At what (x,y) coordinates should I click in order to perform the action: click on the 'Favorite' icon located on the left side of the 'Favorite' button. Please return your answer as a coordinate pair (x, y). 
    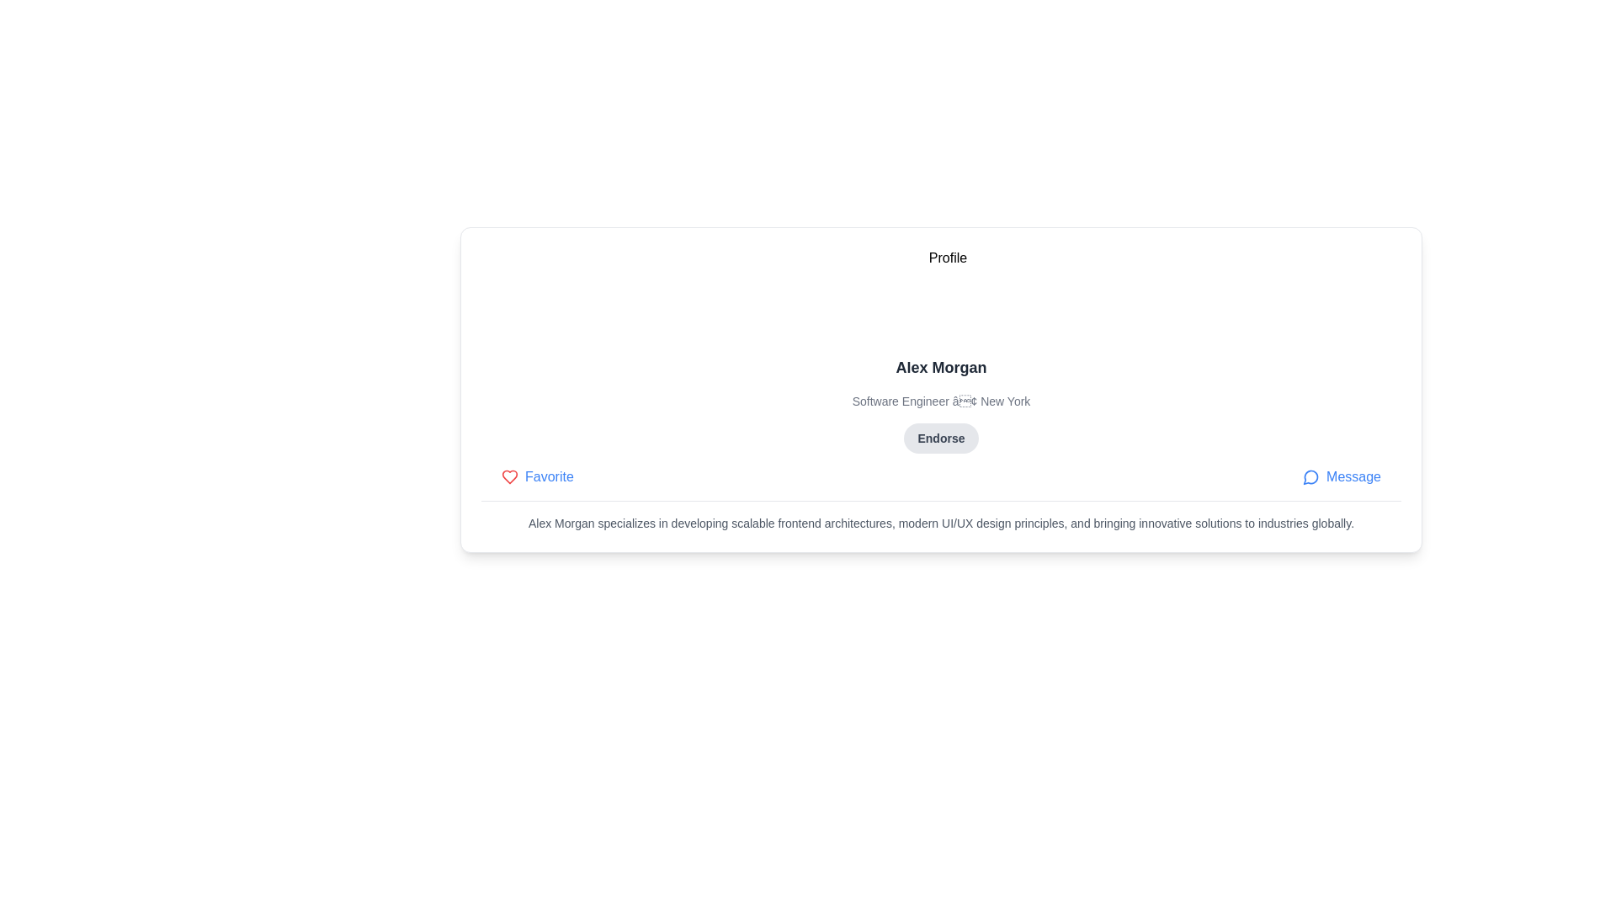
    Looking at the image, I should click on (508, 477).